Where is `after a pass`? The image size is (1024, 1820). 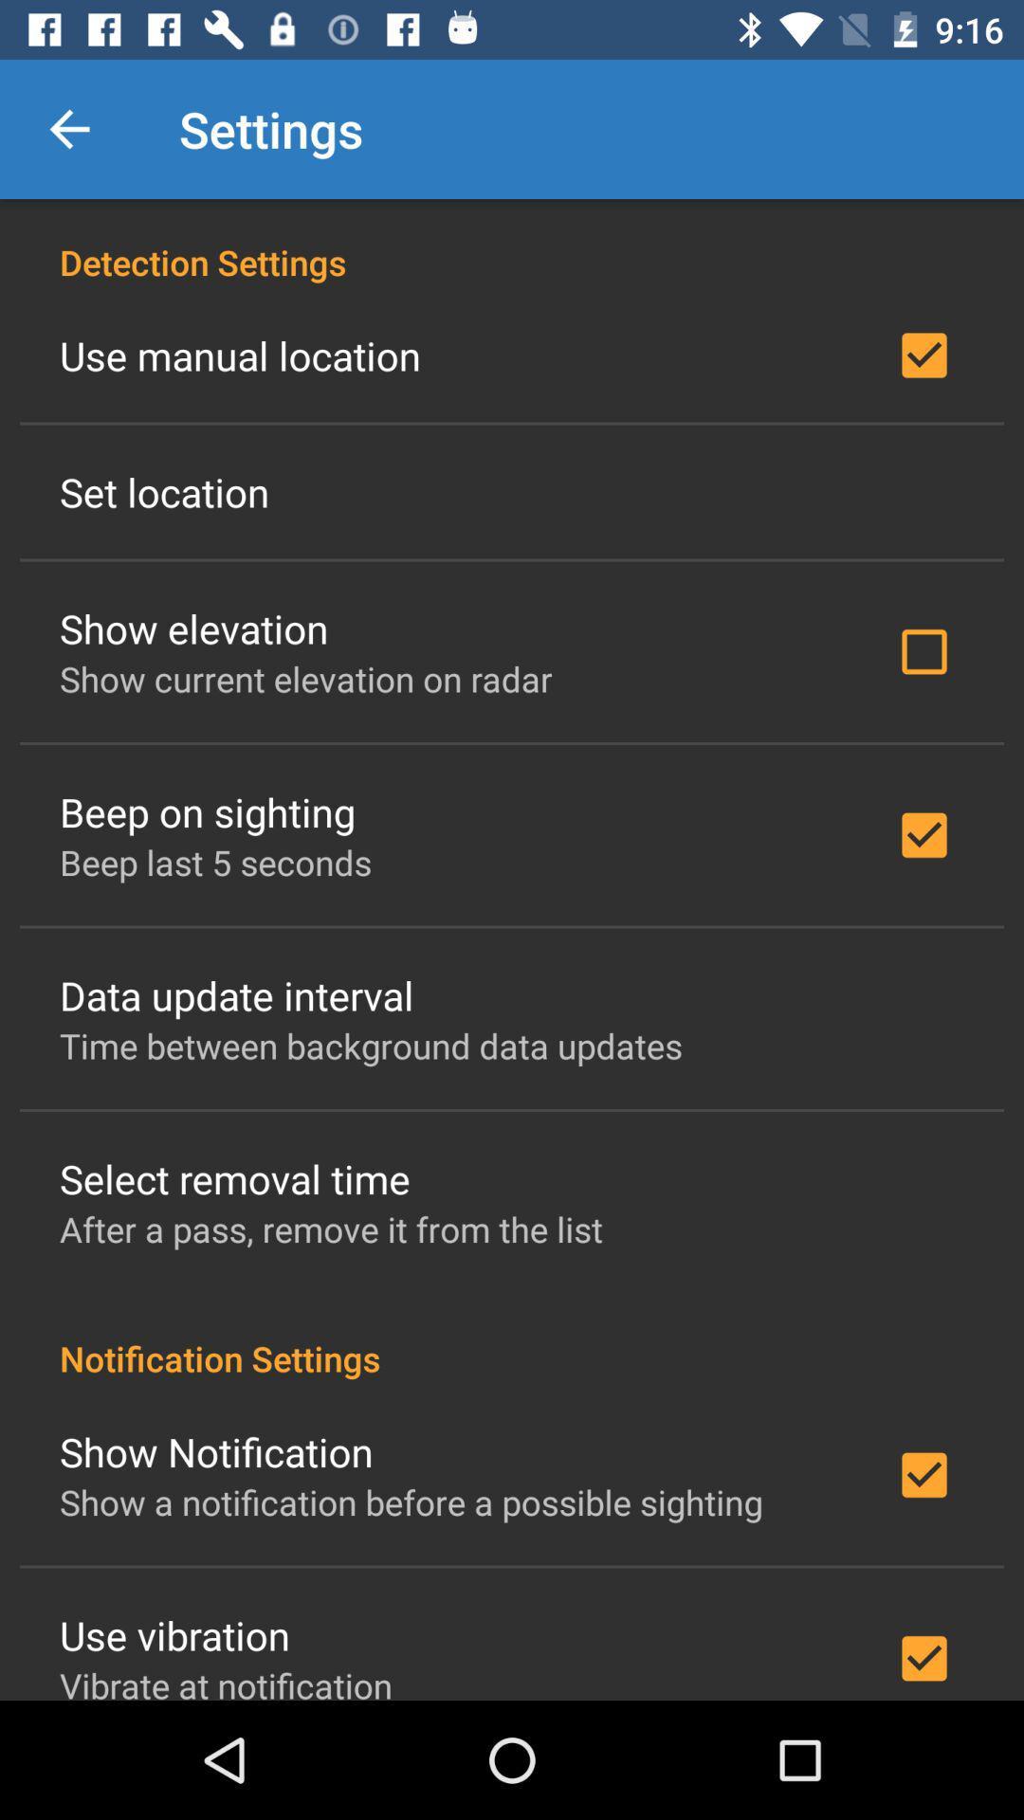 after a pass is located at coordinates (330, 1228).